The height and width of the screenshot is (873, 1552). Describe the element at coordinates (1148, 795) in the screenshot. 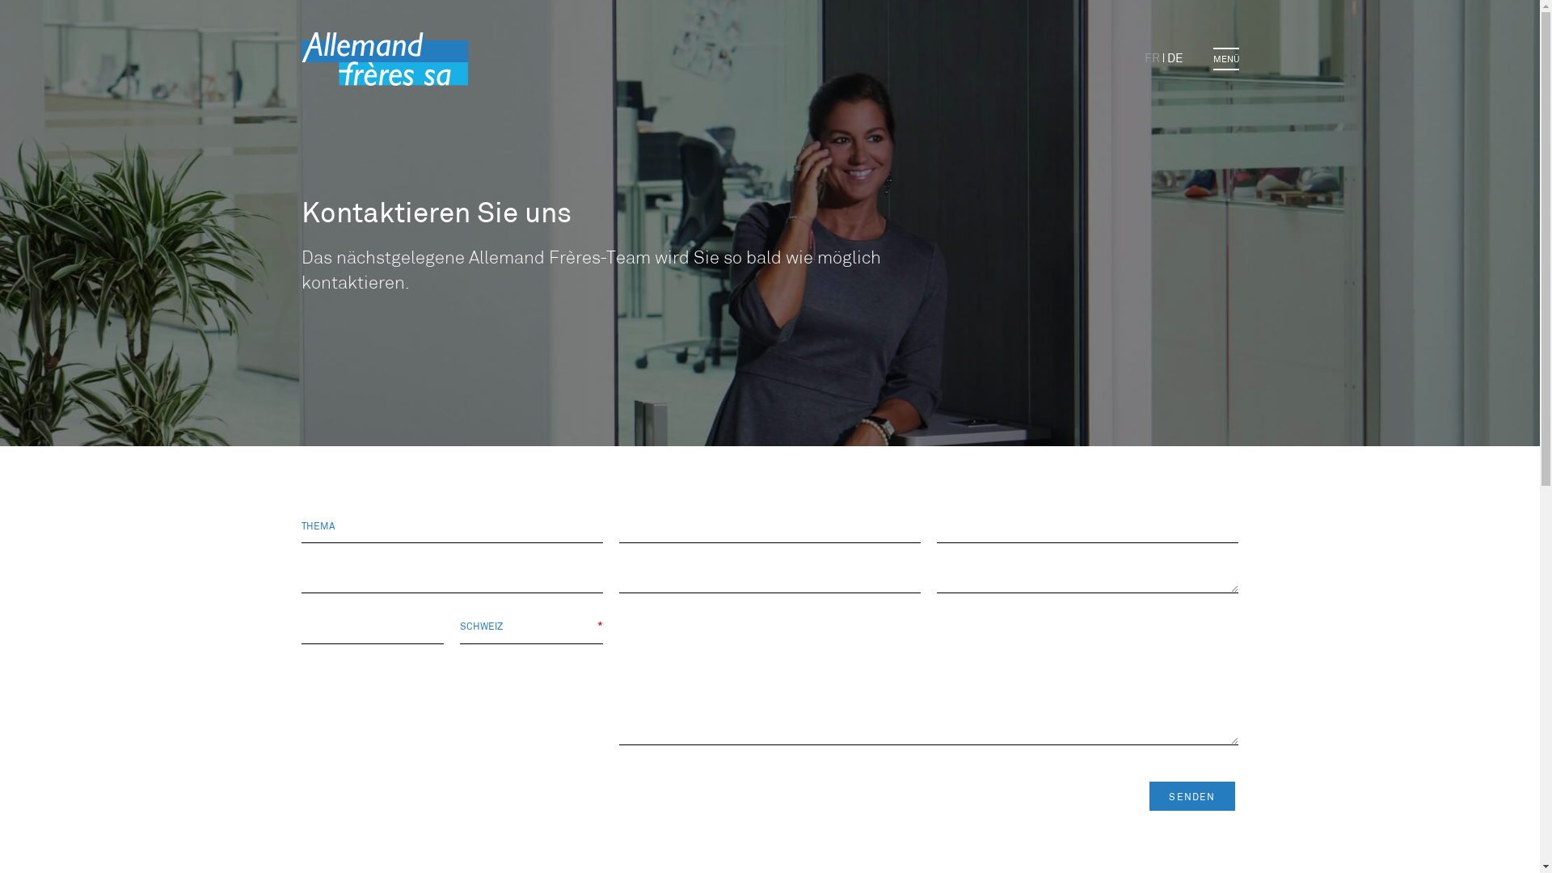

I see `'SENDEN'` at that location.